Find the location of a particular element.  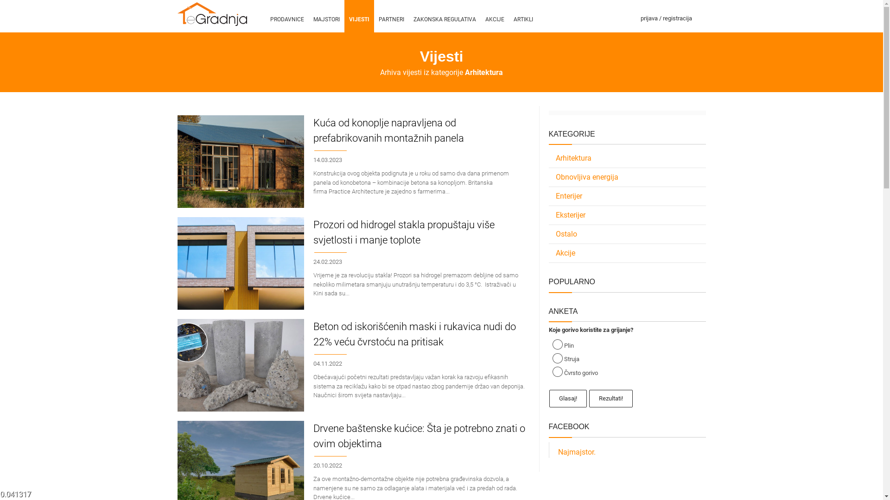

'Glasaj!' is located at coordinates (567, 398).